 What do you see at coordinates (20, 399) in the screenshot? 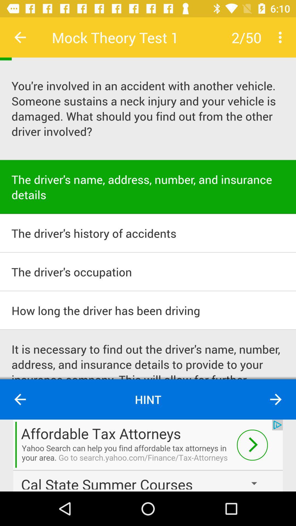
I see `the arrow_backward icon` at bounding box center [20, 399].